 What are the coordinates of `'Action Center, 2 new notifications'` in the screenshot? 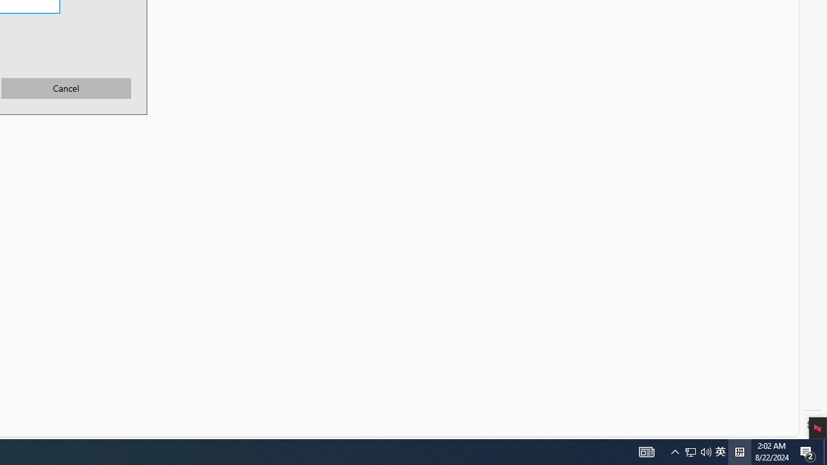 It's located at (808, 451).